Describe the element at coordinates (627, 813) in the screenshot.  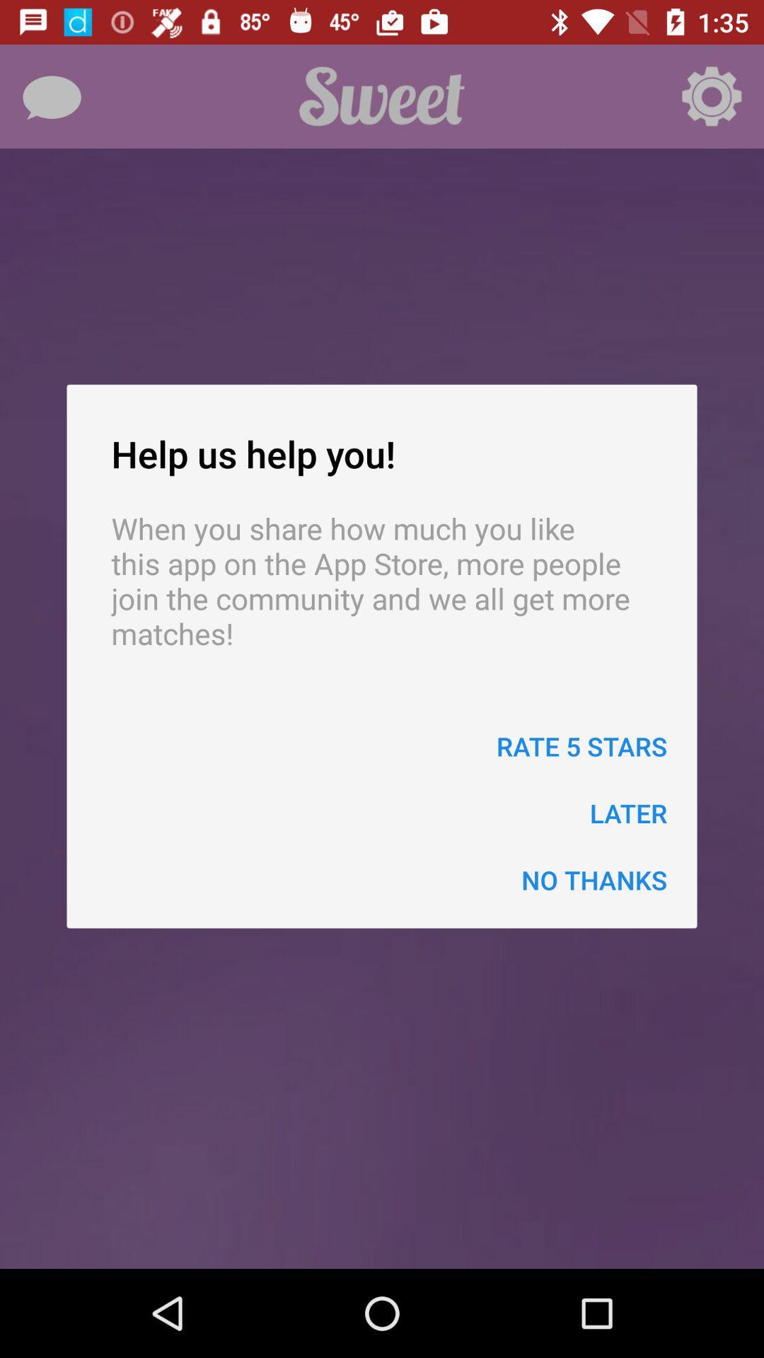
I see `the item below the rate 5 stars` at that location.